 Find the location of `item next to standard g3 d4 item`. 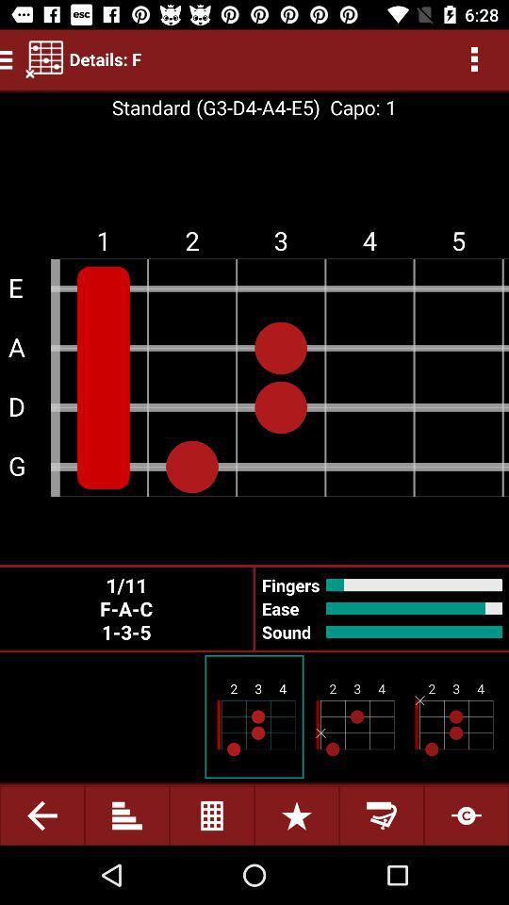

item next to standard g3 d4 item is located at coordinates (358, 107).